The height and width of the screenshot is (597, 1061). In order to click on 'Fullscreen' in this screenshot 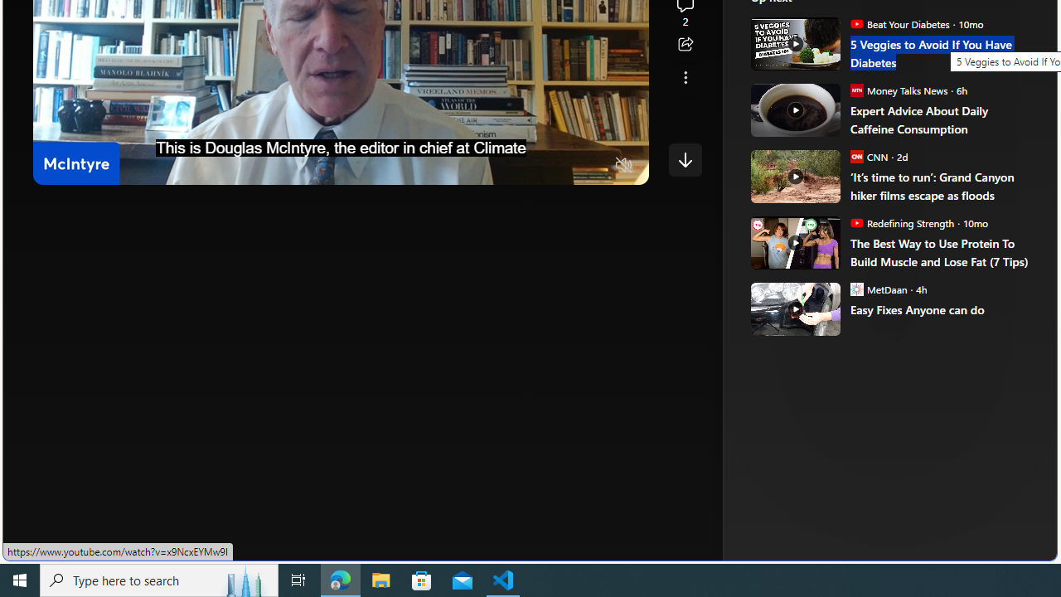, I will do `click(592, 166)`.